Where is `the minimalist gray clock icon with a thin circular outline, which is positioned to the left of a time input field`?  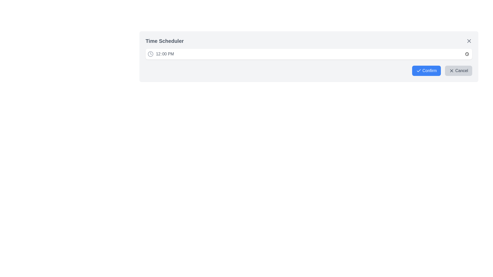 the minimalist gray clock icon with a thin circular outline, which is positioned to the left of a time input field is located at coordinates (150, 54).